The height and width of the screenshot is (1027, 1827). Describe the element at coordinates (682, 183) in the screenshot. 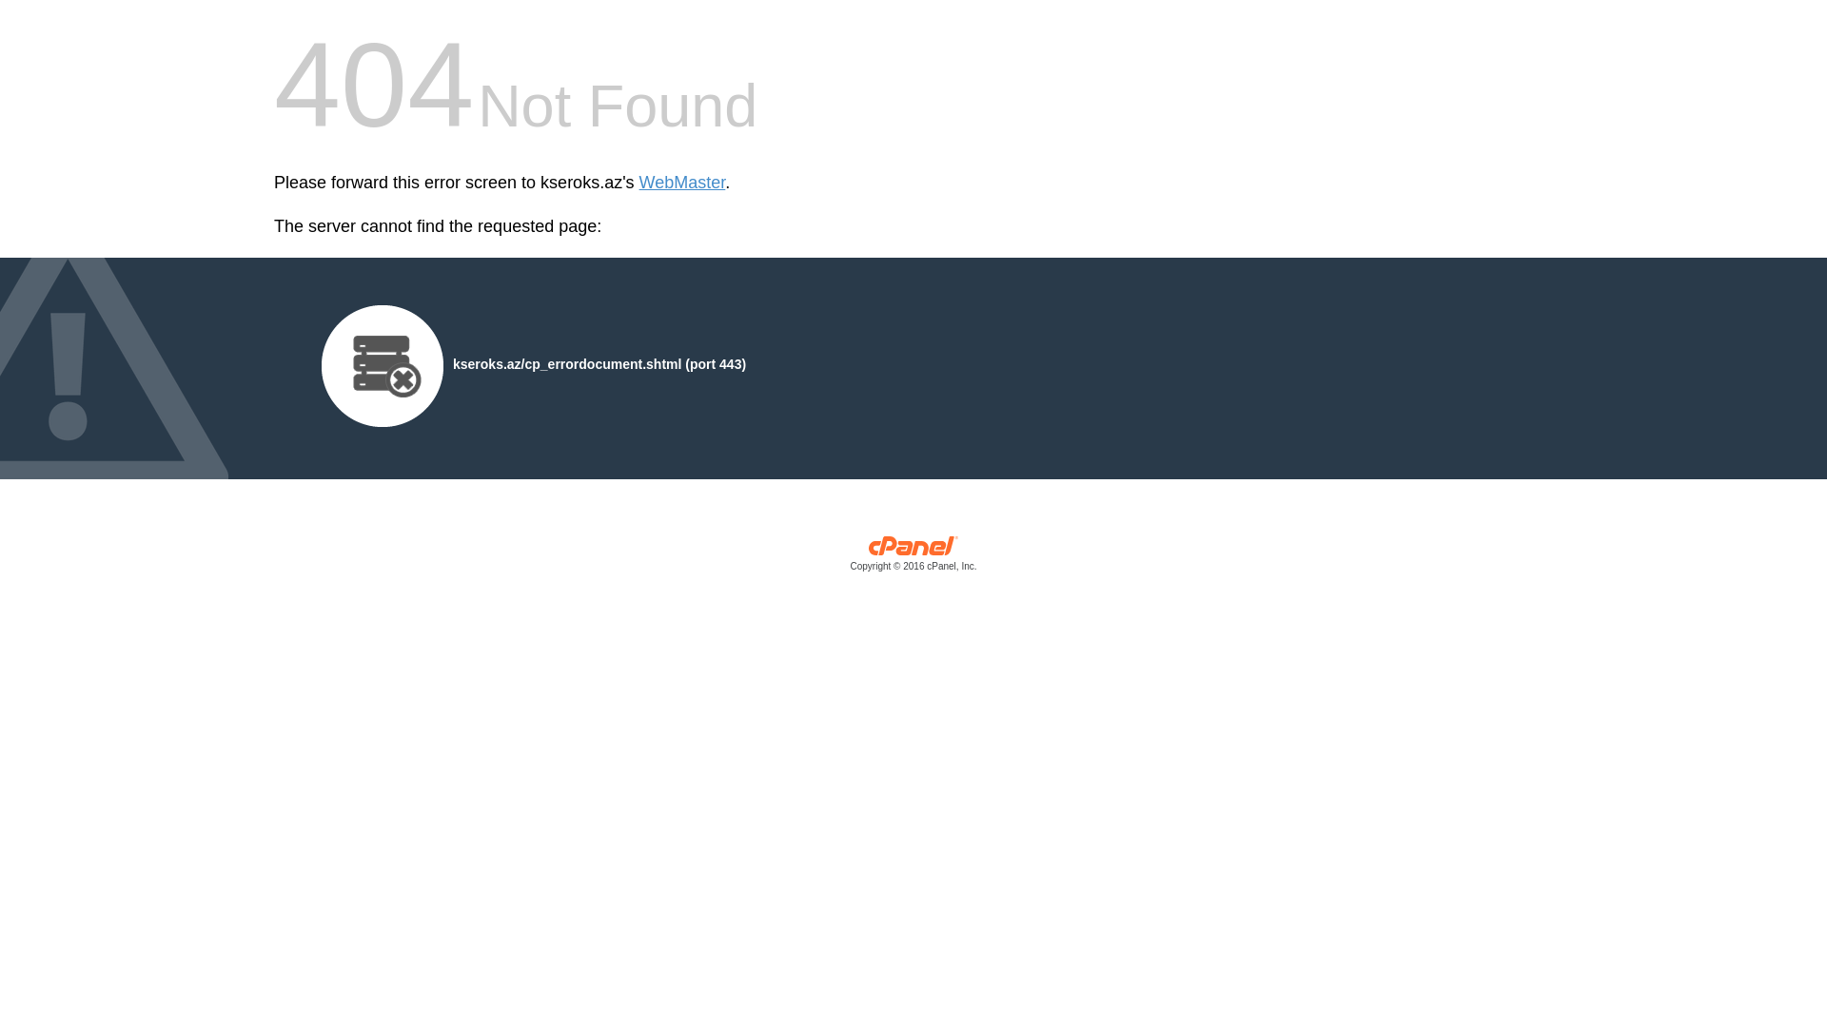

I see `'WebMaster'` at that location.